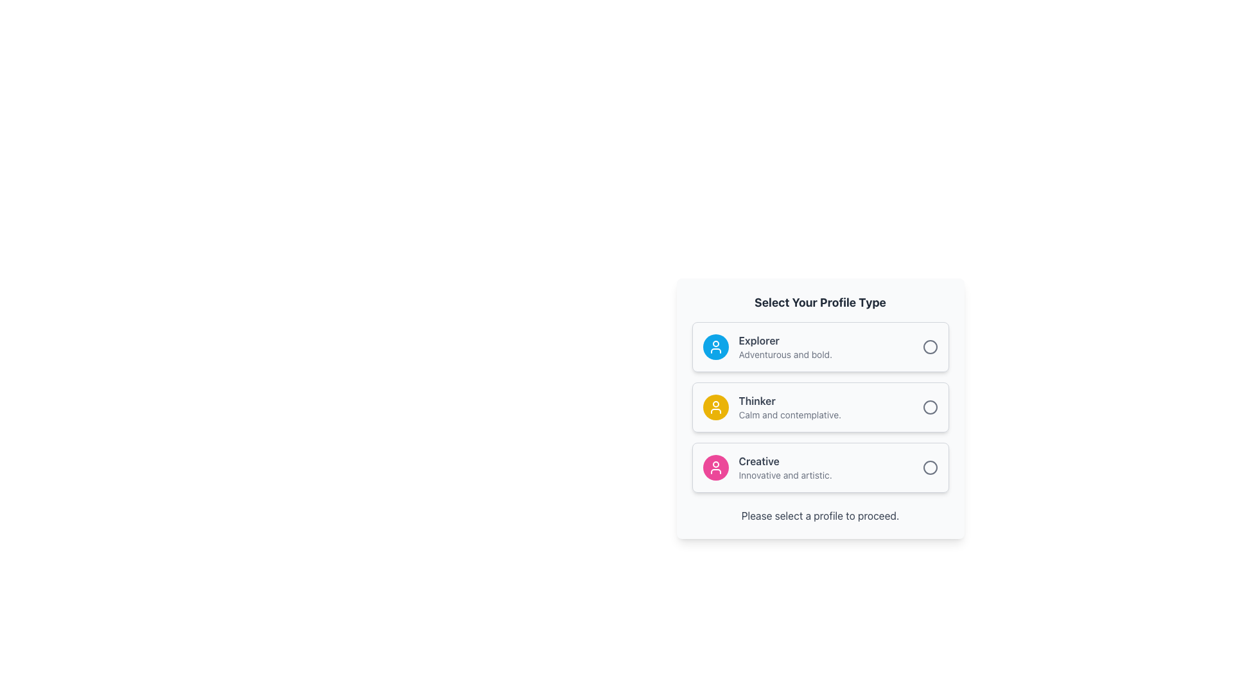  I want to click on one of the radio button options in the selection component labeled 'Select Your Profile Type', so click(819, 407).